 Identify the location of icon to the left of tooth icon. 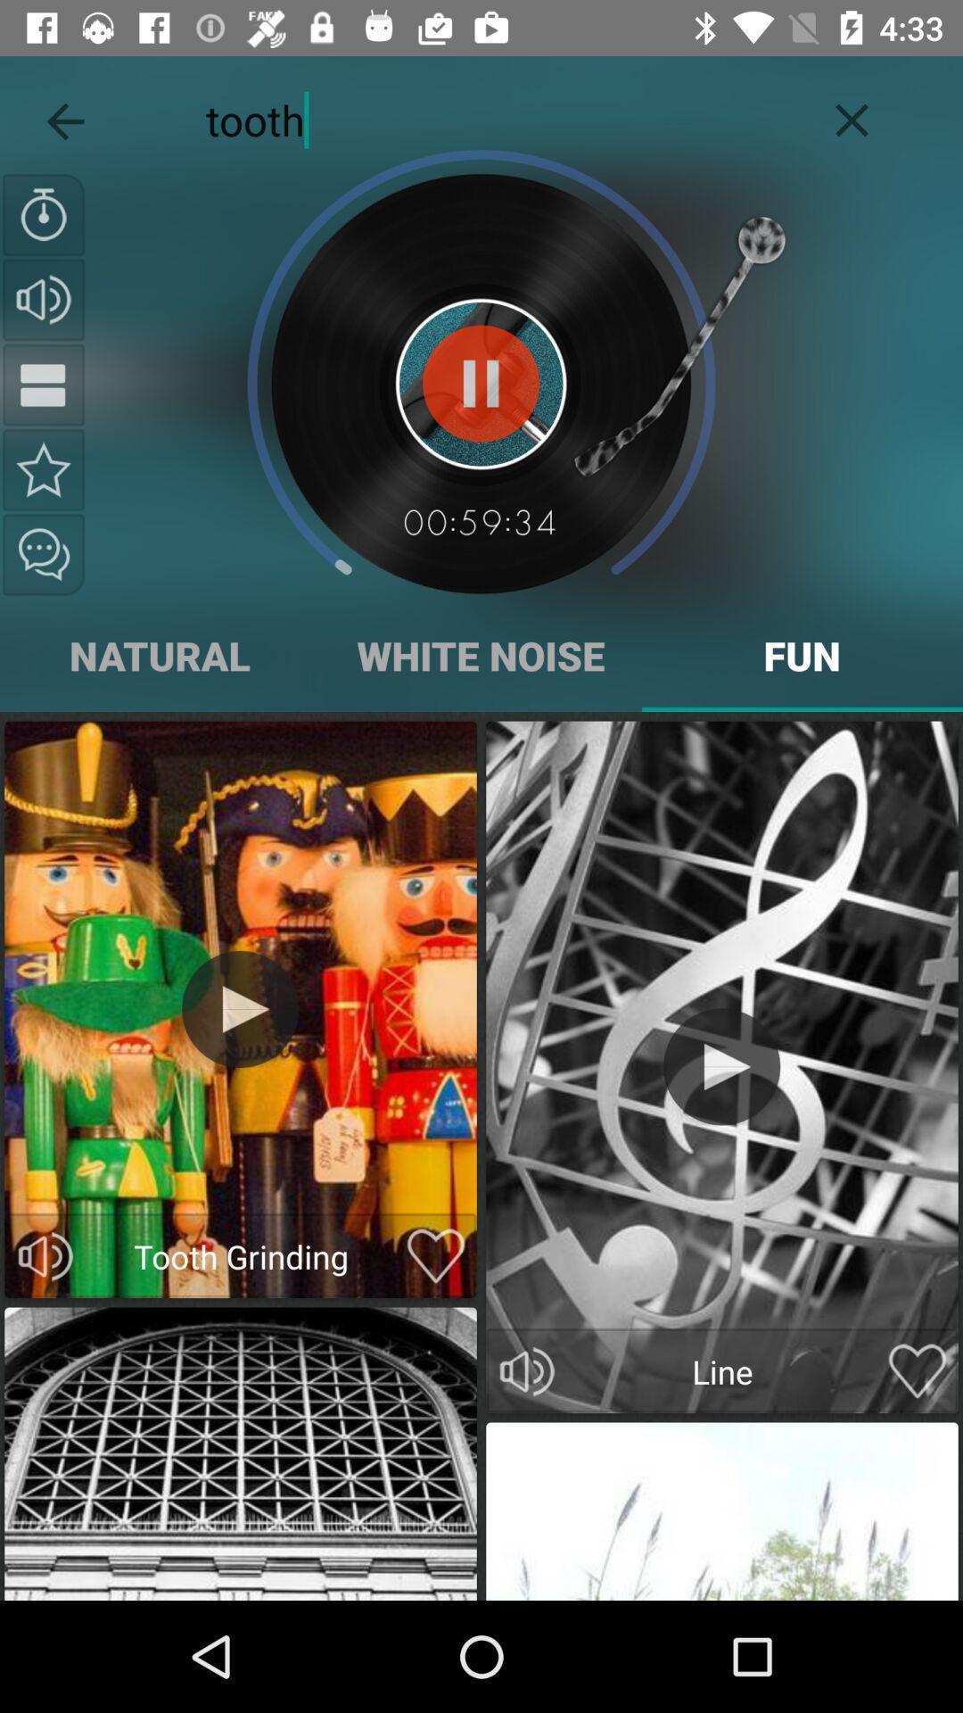
(64, 116).